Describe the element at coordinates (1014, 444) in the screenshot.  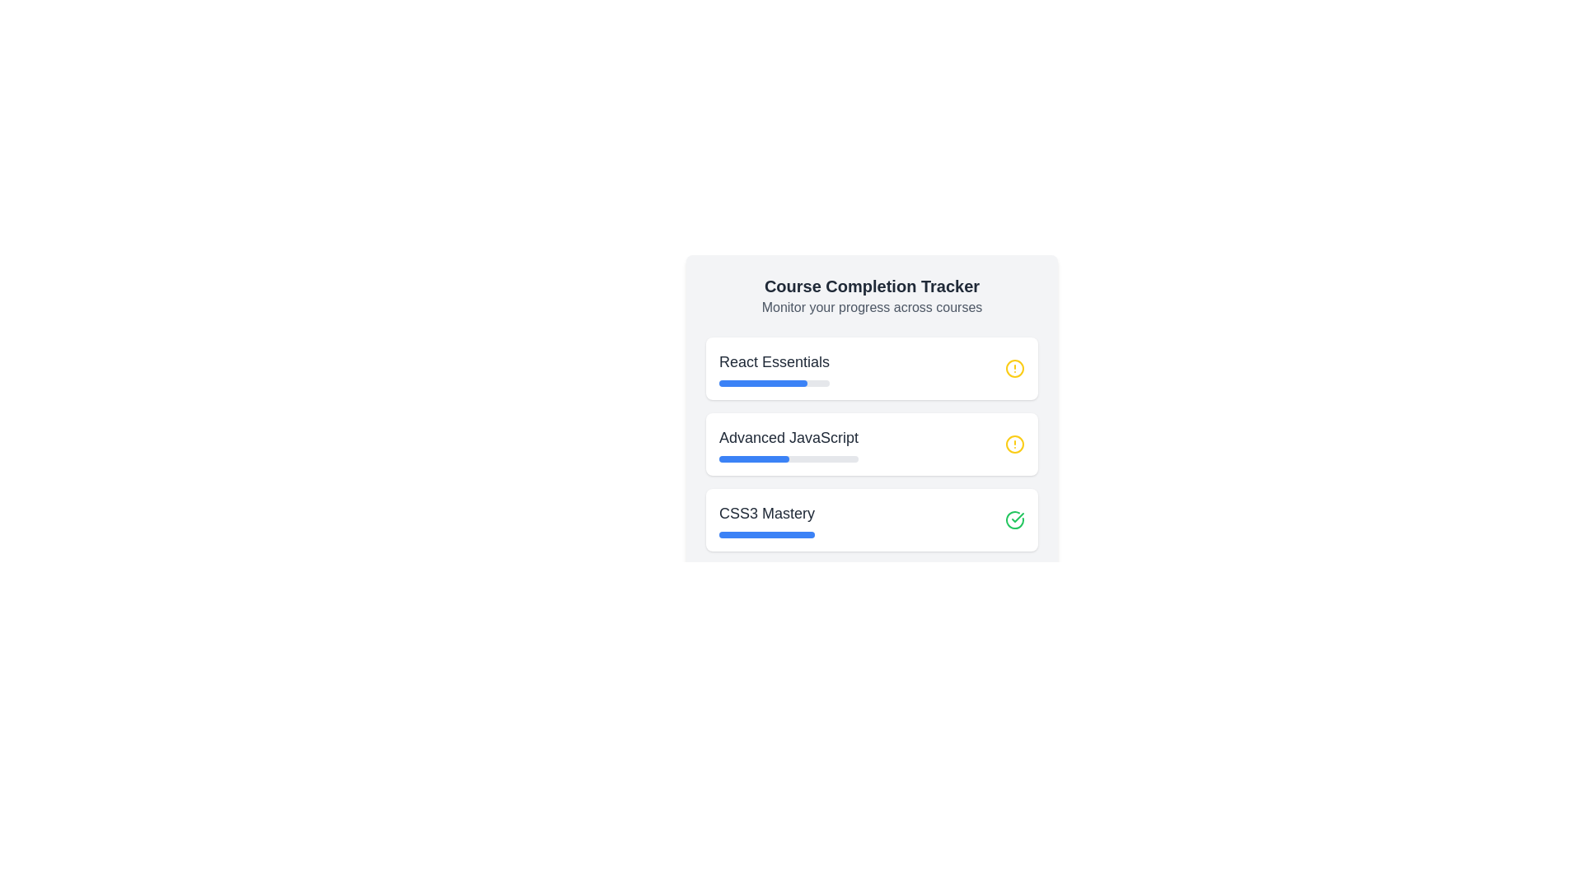
I see `the yellow-themed Indicator Icon at the end of the progress bar for the 'React Essentials' course, indicating an incomplete or pending state` at that location.